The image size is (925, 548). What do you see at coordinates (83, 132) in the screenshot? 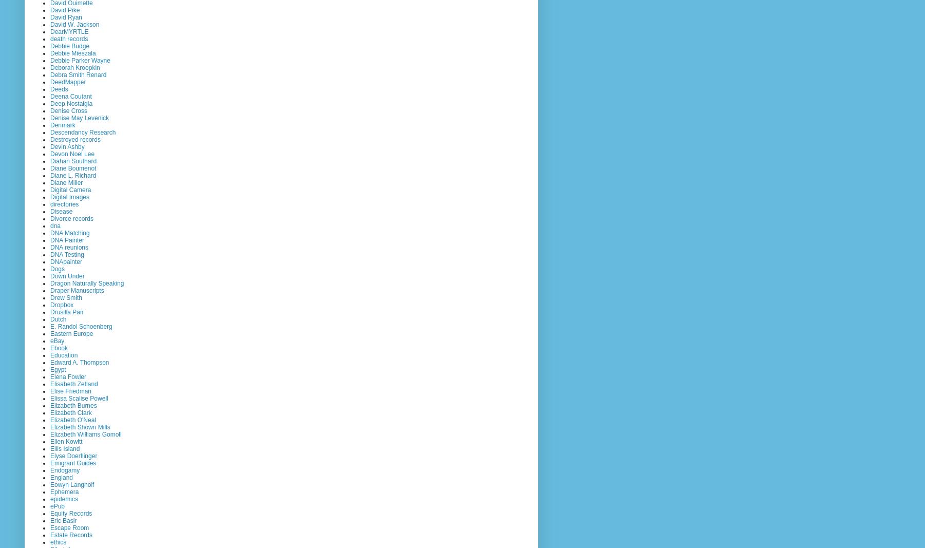
I see `'Descendancy Research'` at bounding box center [83, 132].